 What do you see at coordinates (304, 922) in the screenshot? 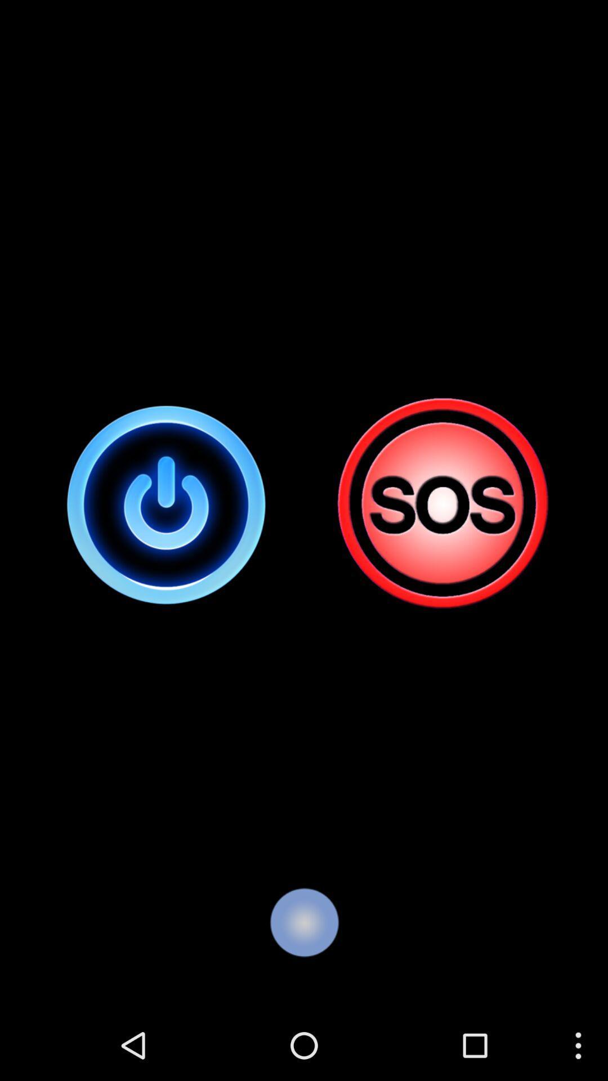
I see `the button at the bottom` at bounding box center [304, 922].